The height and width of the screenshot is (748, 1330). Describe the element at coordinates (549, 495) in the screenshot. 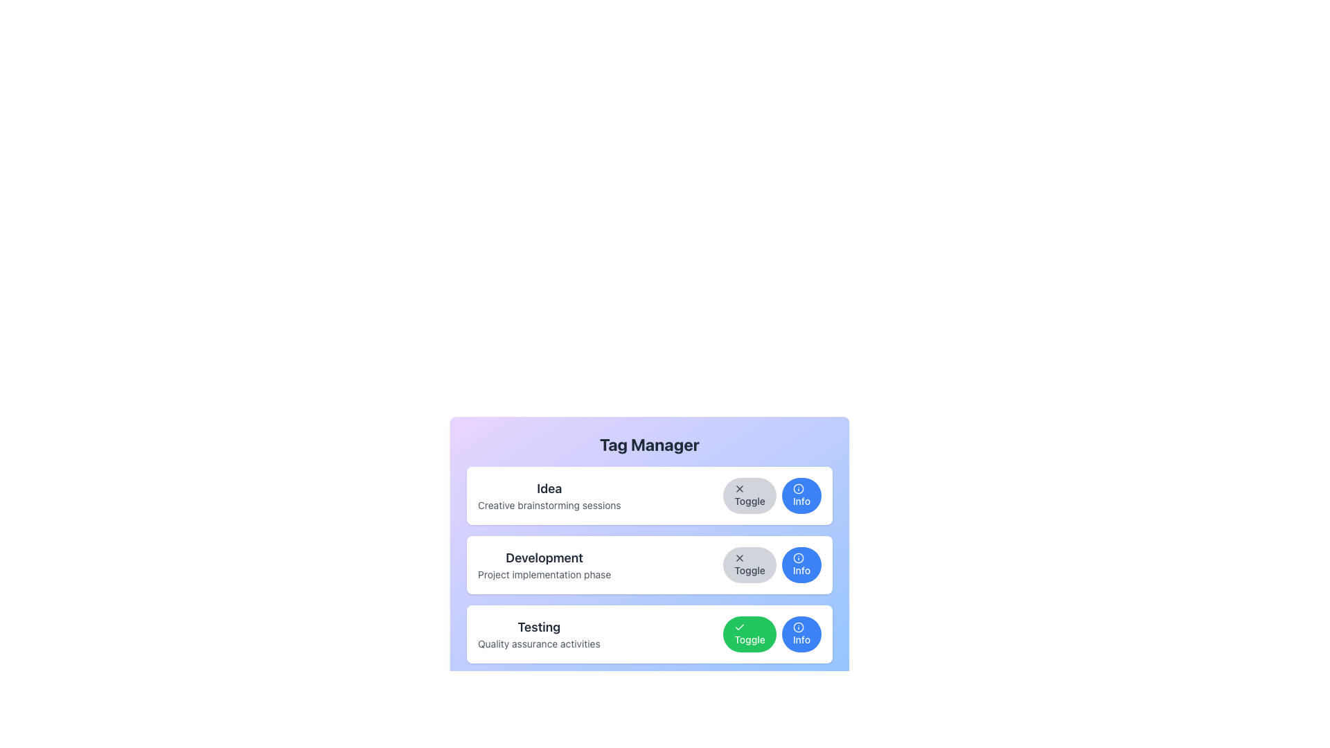

I see `the static text block labeled 'Idea' with the description 'Creative brainstorming sessions', located in the topmost card under 'Tag Manager'` at that location.